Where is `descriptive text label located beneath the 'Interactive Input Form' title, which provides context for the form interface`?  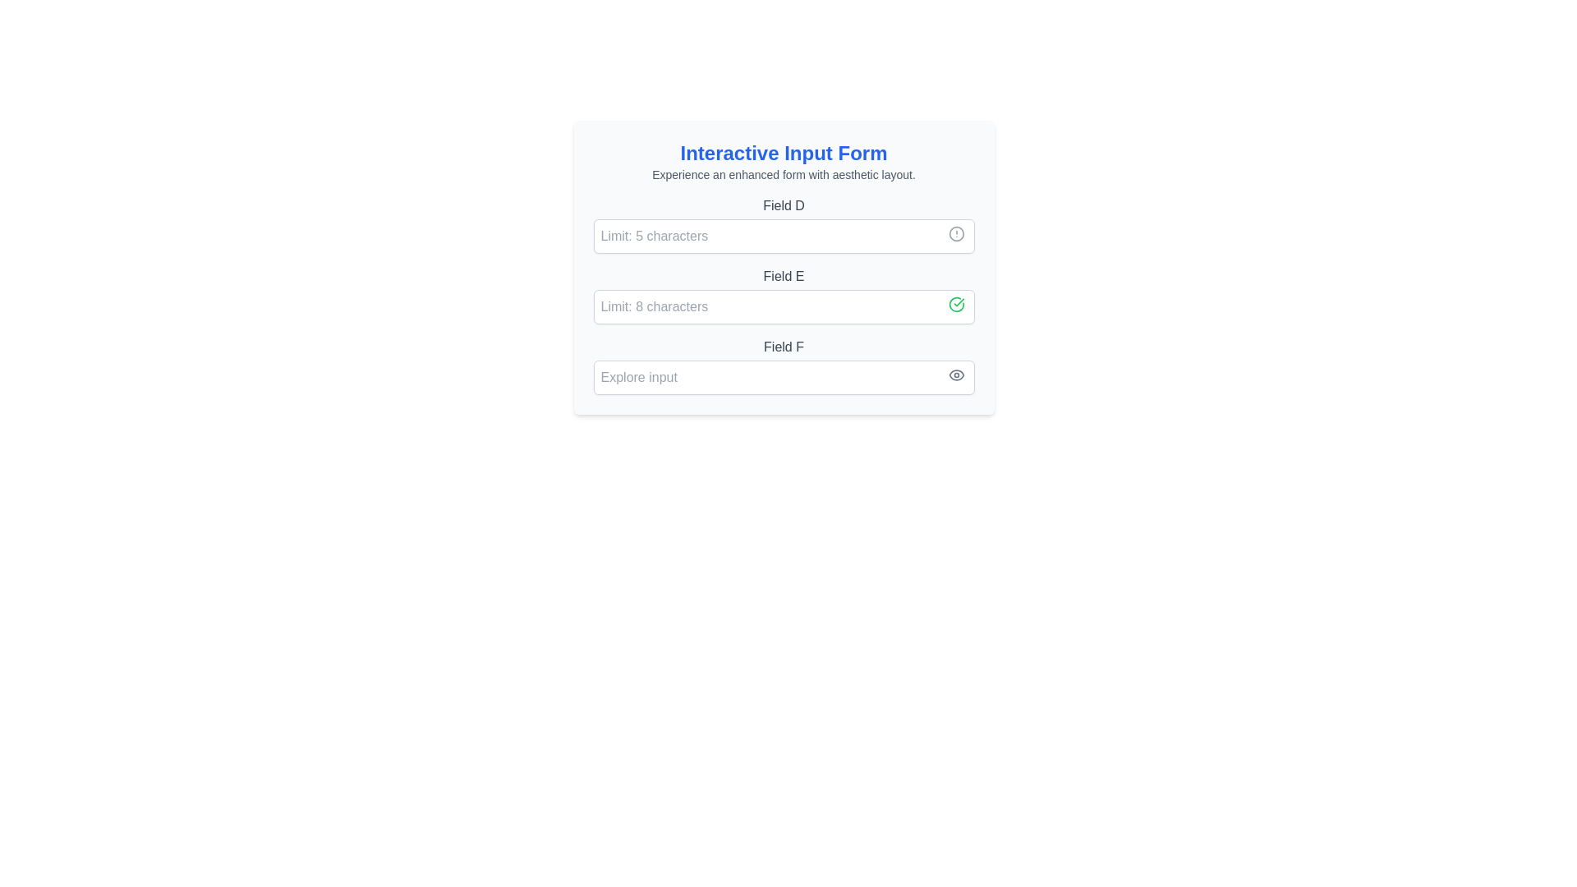 descriptive text label located beneath the 'Interactive Input Form' title, which provides context for the form interface is located at coordinates (783, 174).